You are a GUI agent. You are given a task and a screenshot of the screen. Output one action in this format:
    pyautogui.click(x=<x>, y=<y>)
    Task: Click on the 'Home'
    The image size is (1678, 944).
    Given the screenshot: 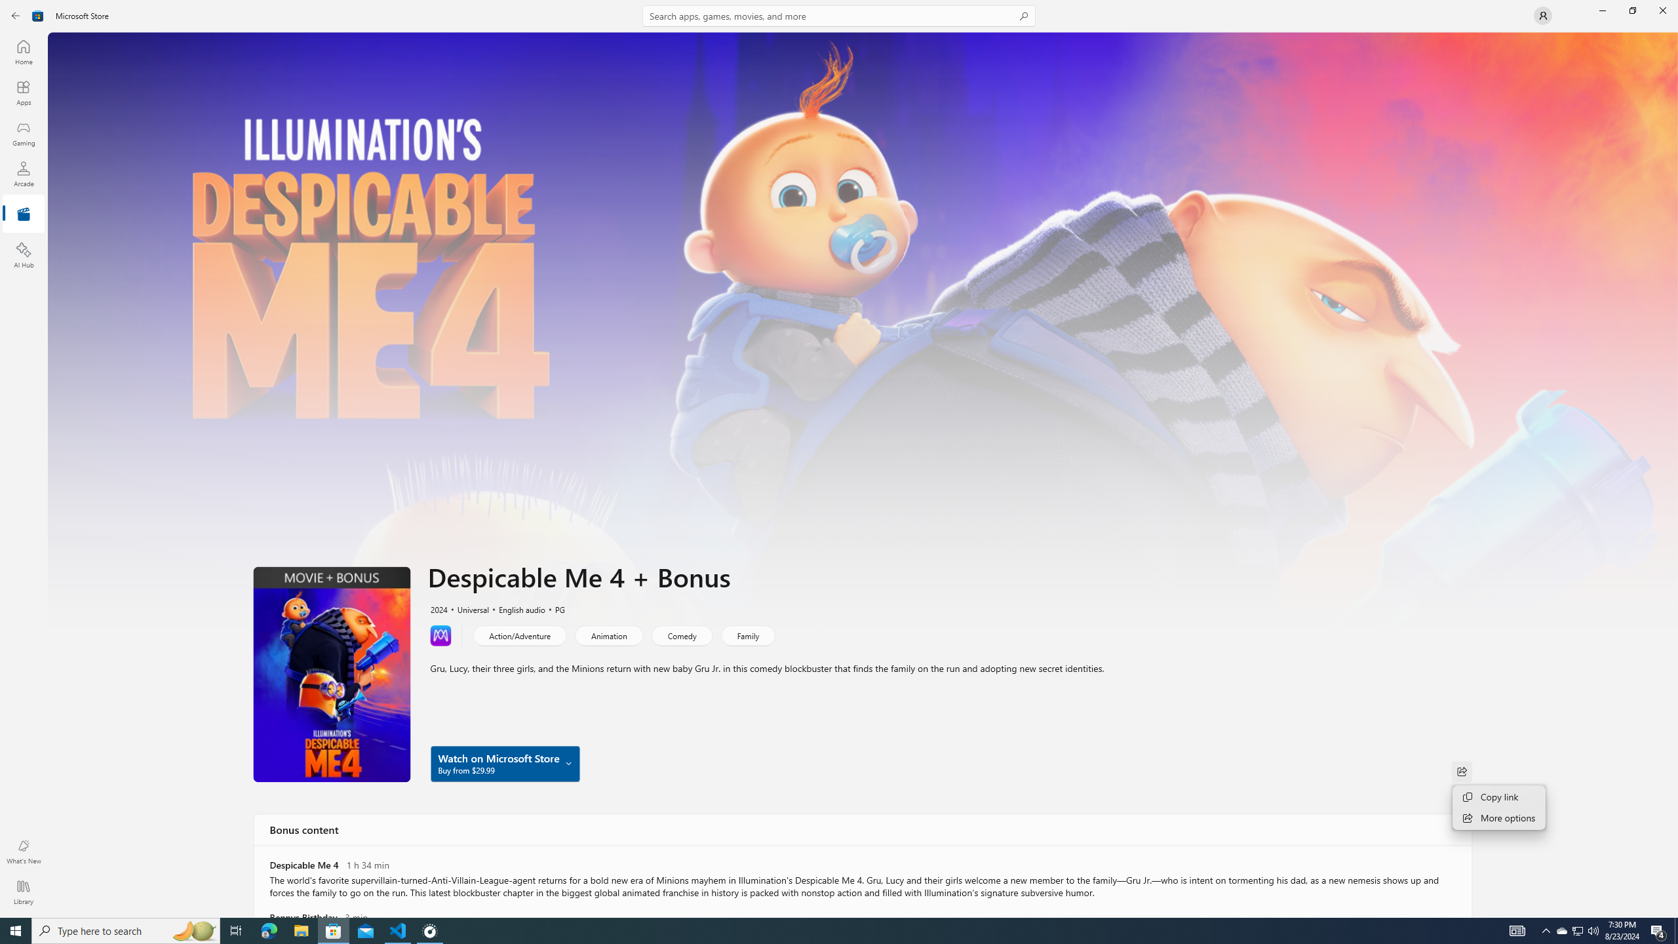 What is the action you would take?
    pyautogui.click(x=22, y=51)
    